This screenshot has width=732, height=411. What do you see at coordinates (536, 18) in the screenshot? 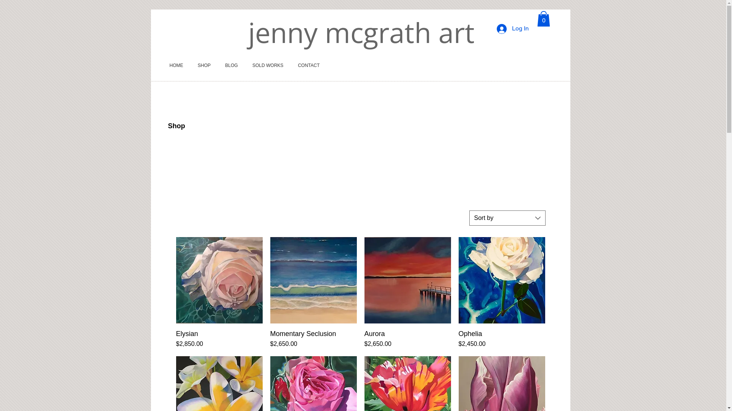
I see `'0'` at bounding box center [536, 18].